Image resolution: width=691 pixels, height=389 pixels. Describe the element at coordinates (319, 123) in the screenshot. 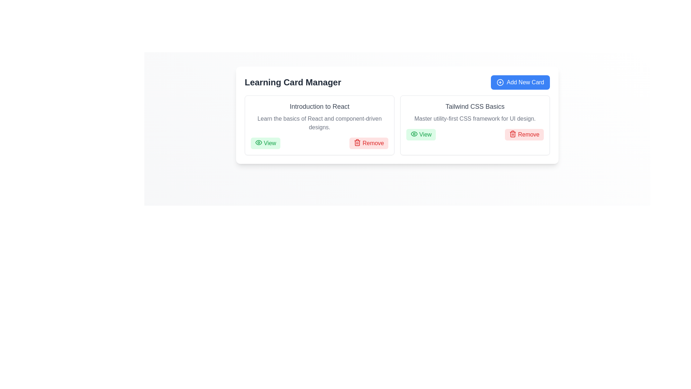

I see `the text that provides an overview of the React basics and component-driven design course, located between the header 'Introduction to React' and the action row with 'View' and 'Remove' buttons` at that location.